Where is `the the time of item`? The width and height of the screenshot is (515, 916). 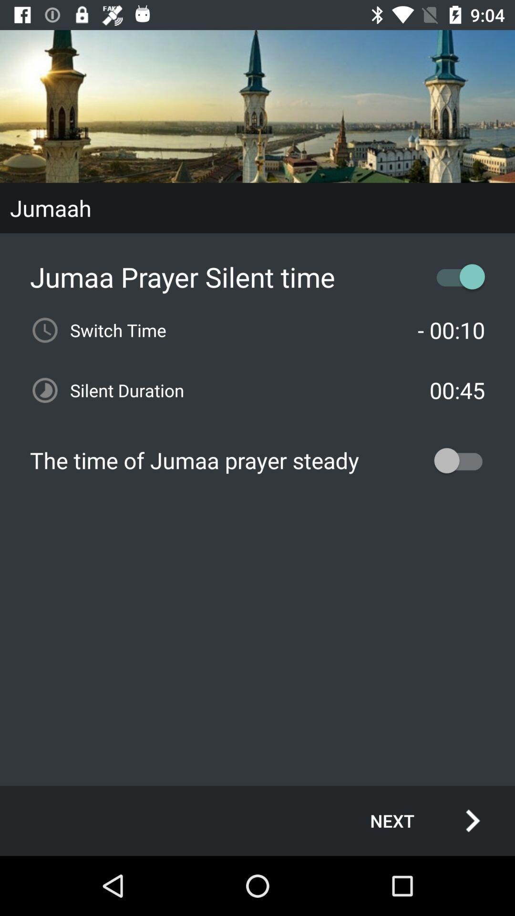
the the time of item is located at coordinates (257, 460).